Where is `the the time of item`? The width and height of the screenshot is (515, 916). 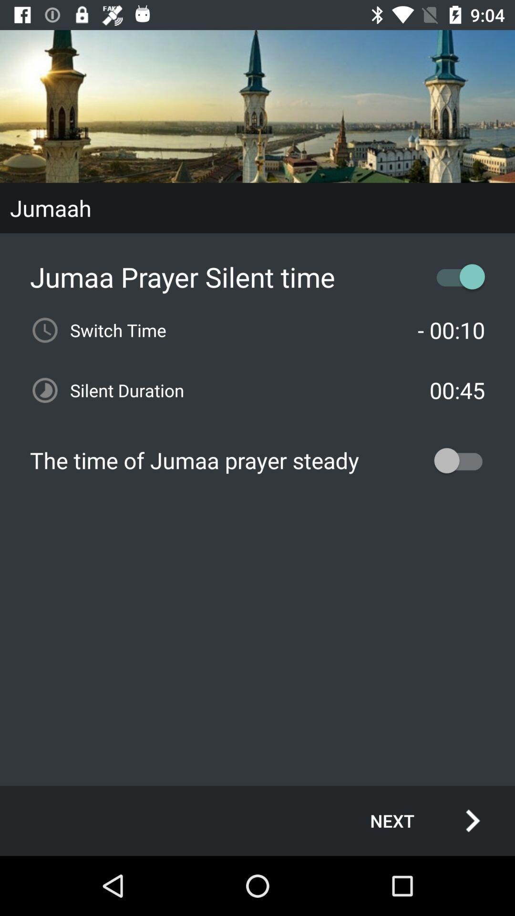
the the time of item is located at coordinates (257, 460).